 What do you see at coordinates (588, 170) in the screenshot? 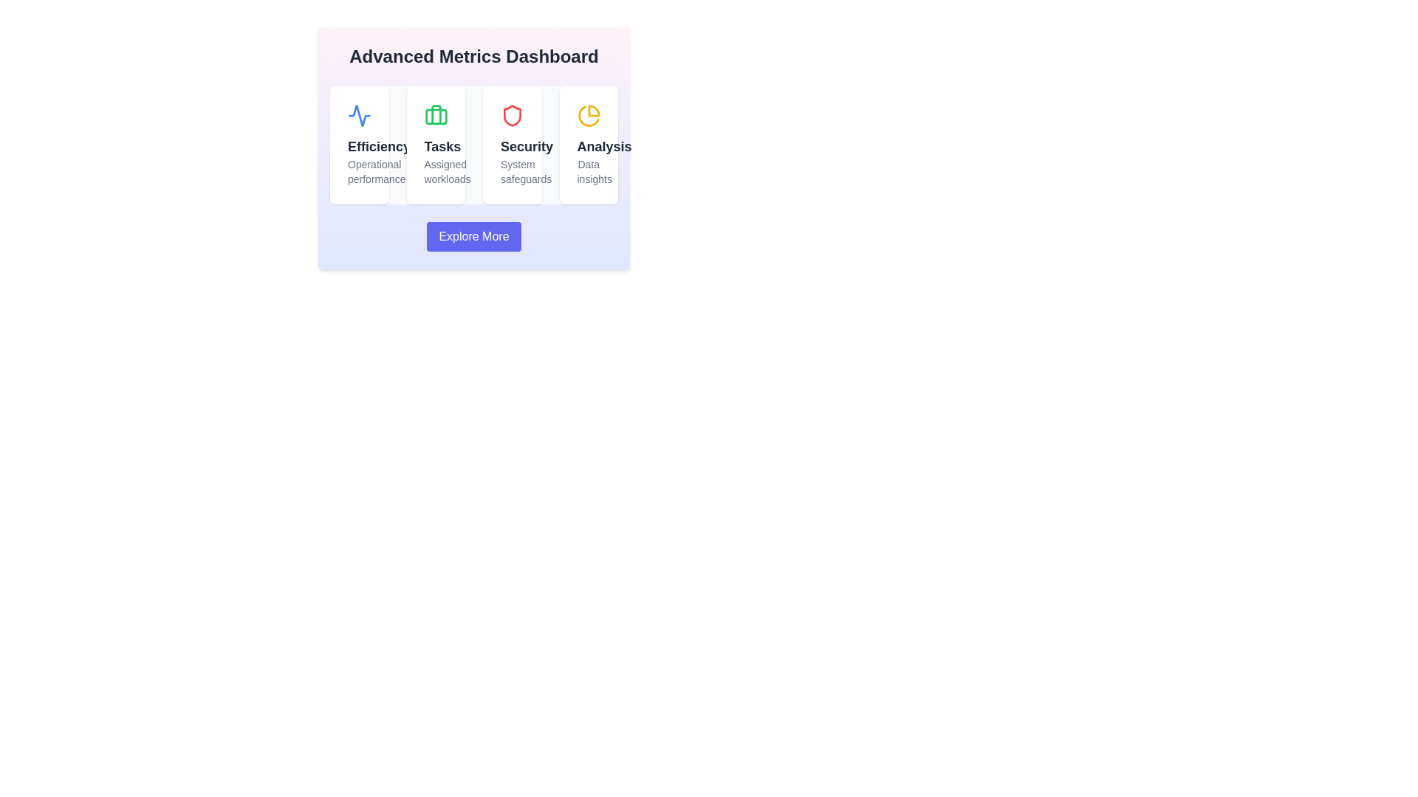
I see `content displayed in the text label located beneath the bold 'Analysis' title within the 'Analysis' card` at bounding box center [588, 170].